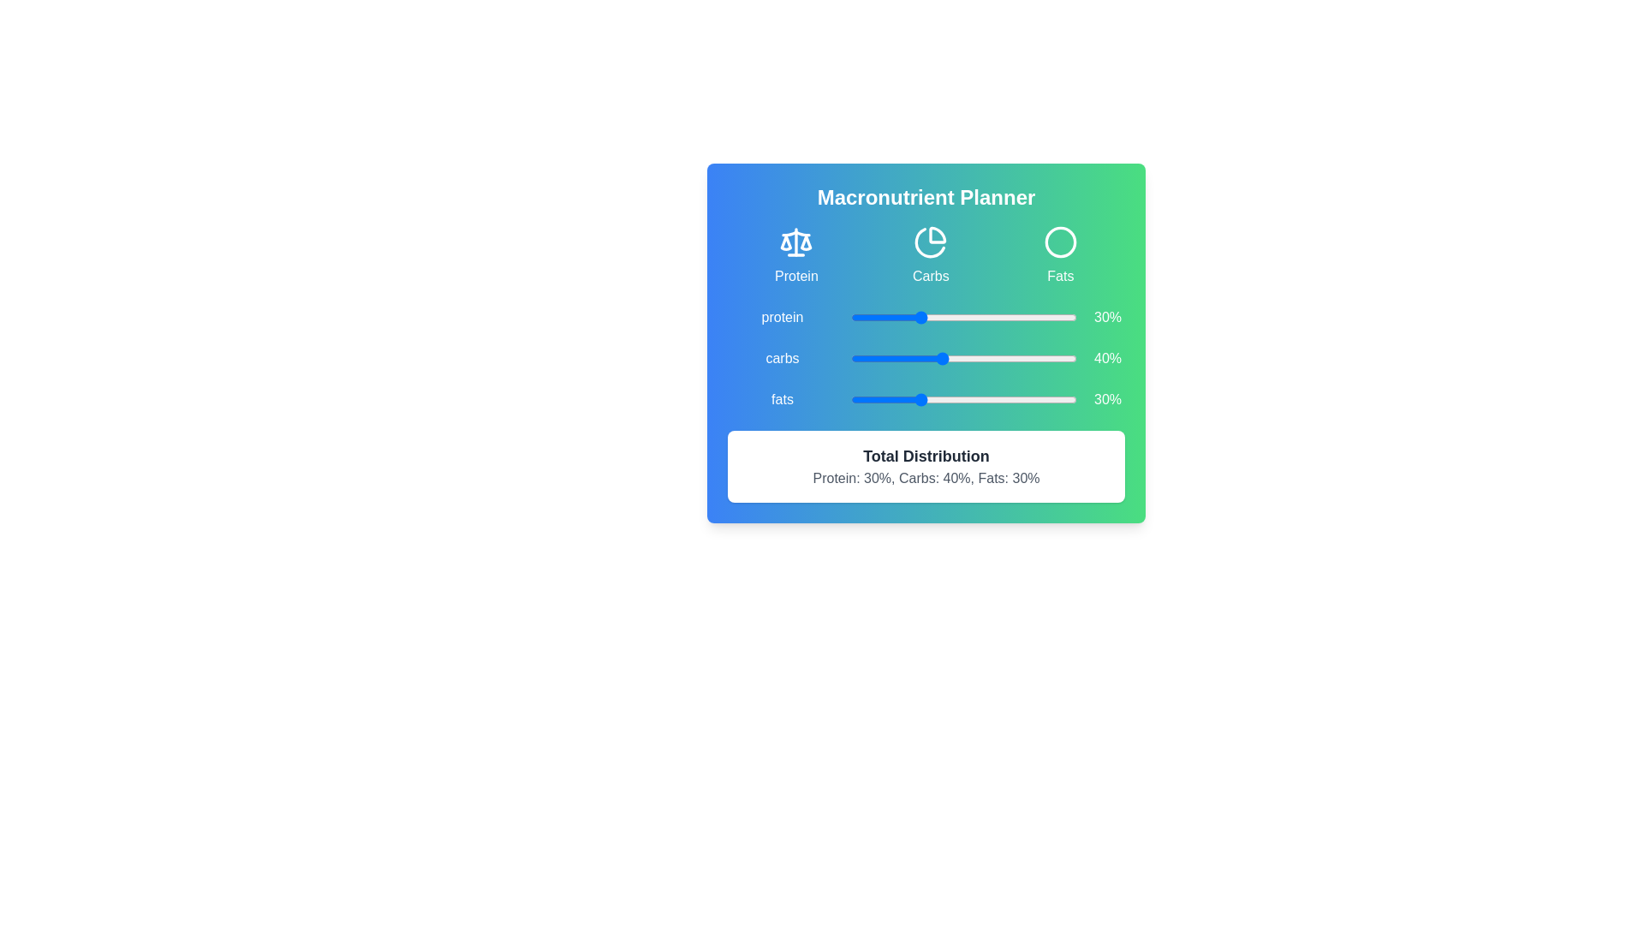  Describe the element at coordinates (911, 399) in the screenshot. I see `the fats percentage` at that location.